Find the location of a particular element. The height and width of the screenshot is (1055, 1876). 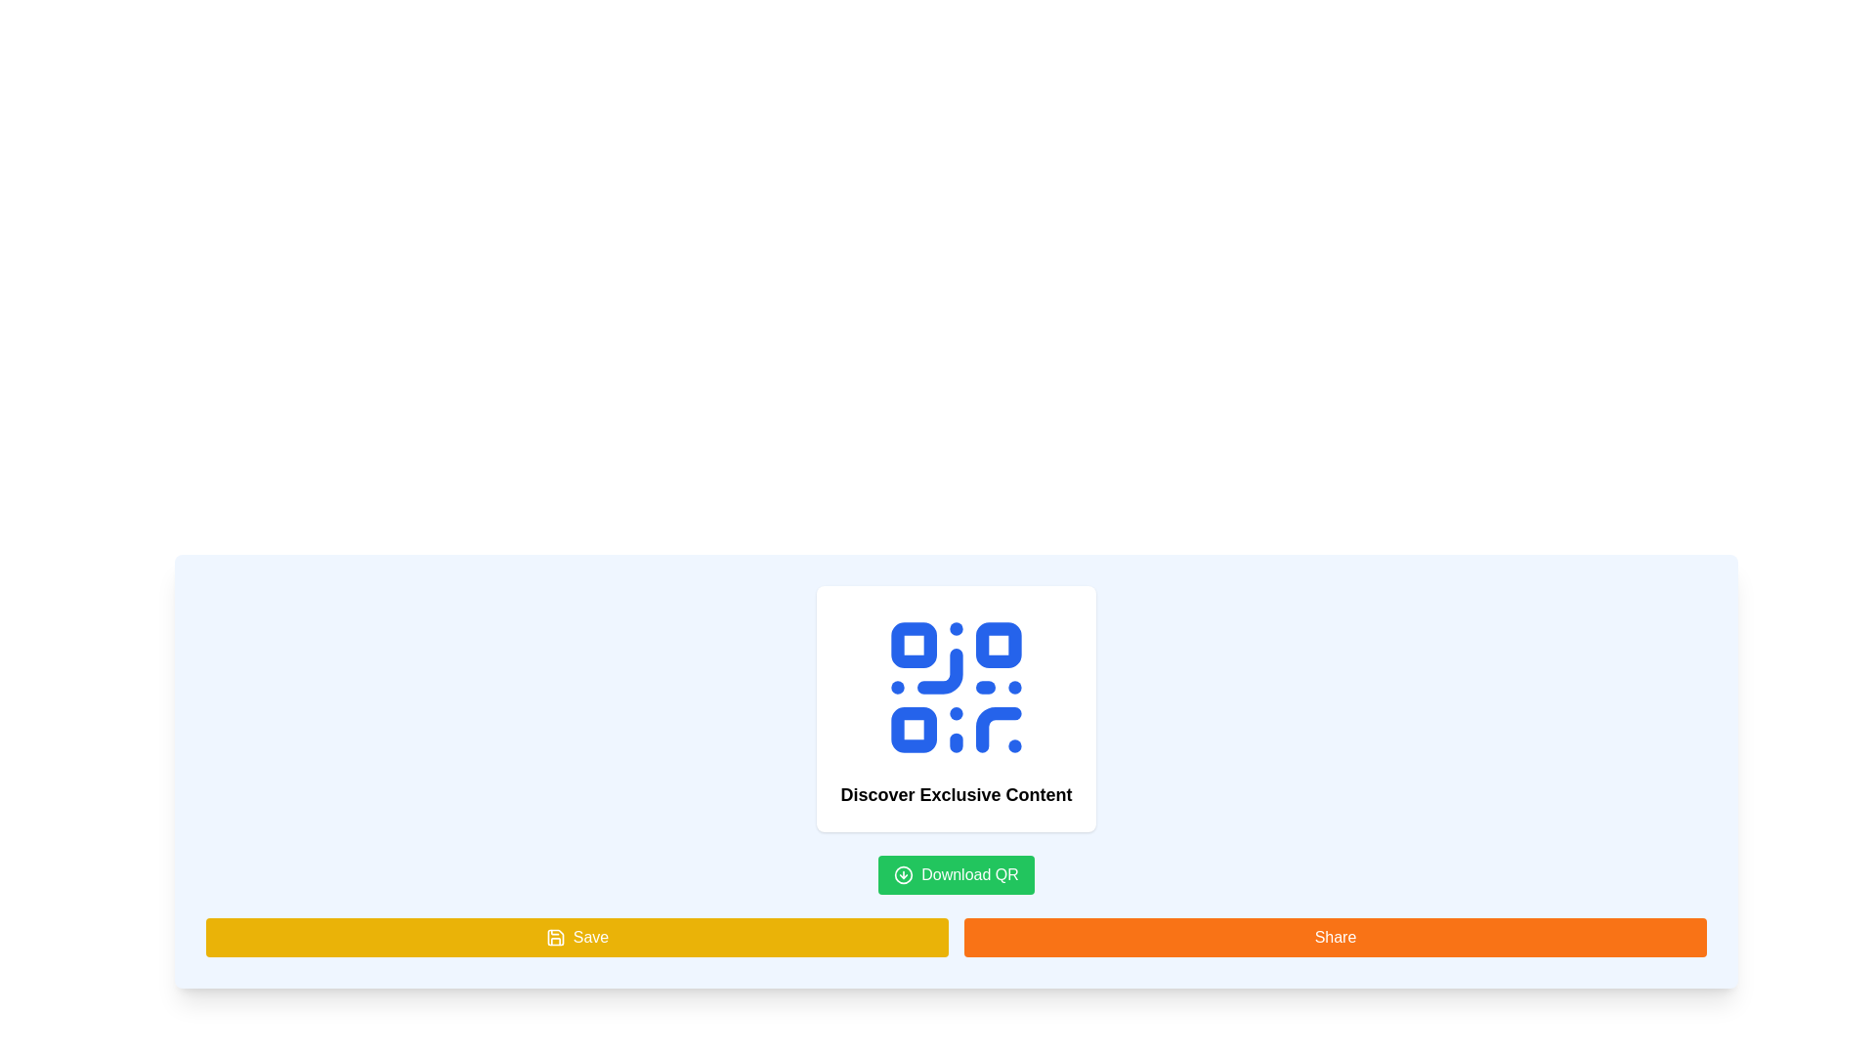

the green 'Download QR' button with a white downward arrow icon to download the QR code is located at coordinates (957, 873).